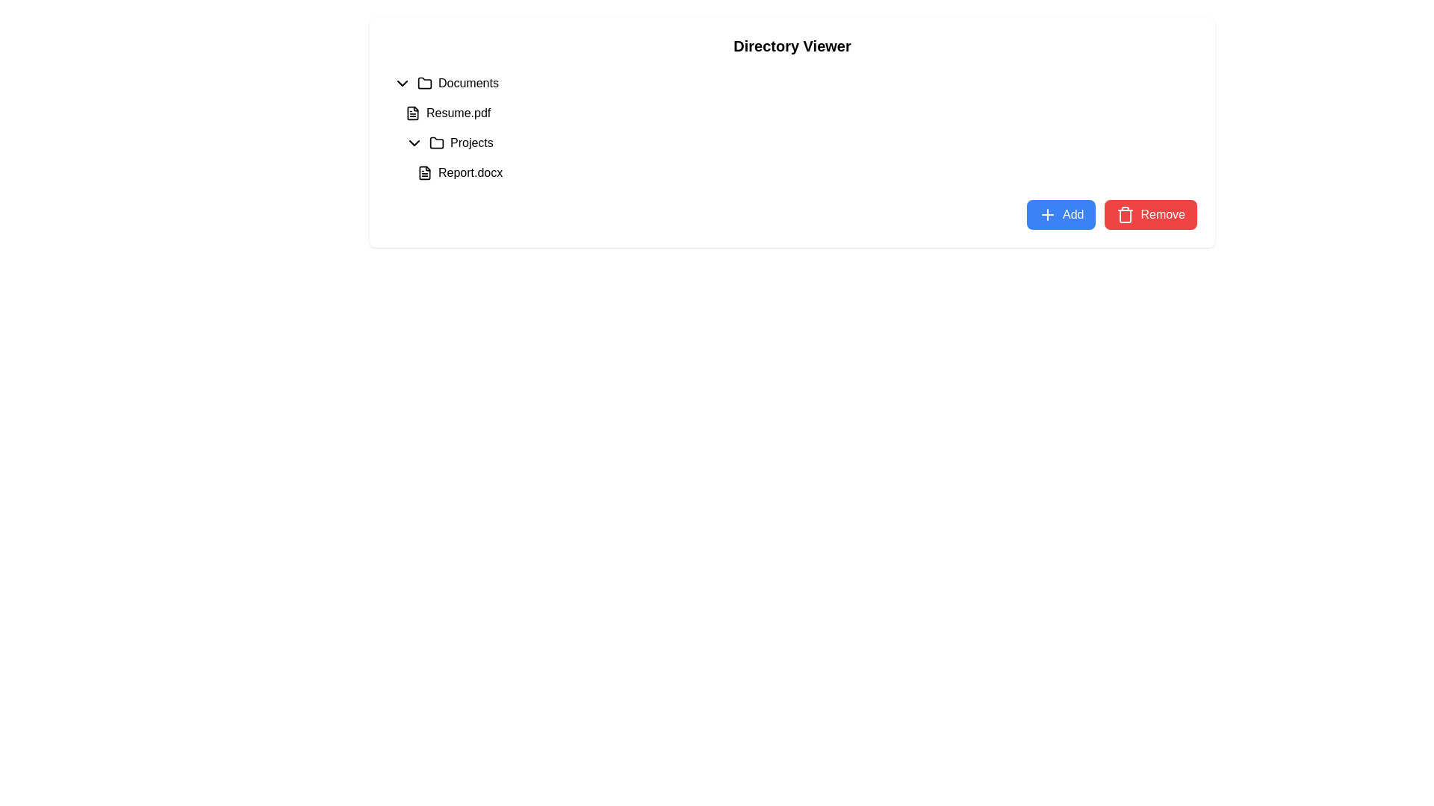 This screenshot has height=806, width=1434. What do you see at coordinates (470, 172) in the screenshot?
I see `the text label 'Report.docx' in the 'Projects' folder` at bounding box center [470, 172].